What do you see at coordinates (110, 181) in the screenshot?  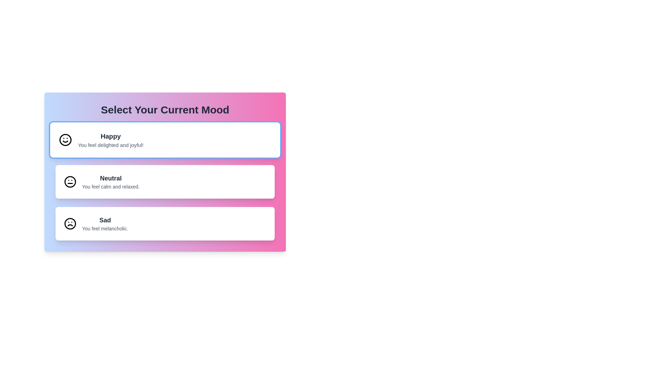 I see `the 'Neutral' text block, which features bold, dark font text saying 'Neutral' and a smaller, lighter gray font text saying 'You feel calm and relaxed.' This element is the second option in a vertical list of mood options` at bounding box center [110, 181].